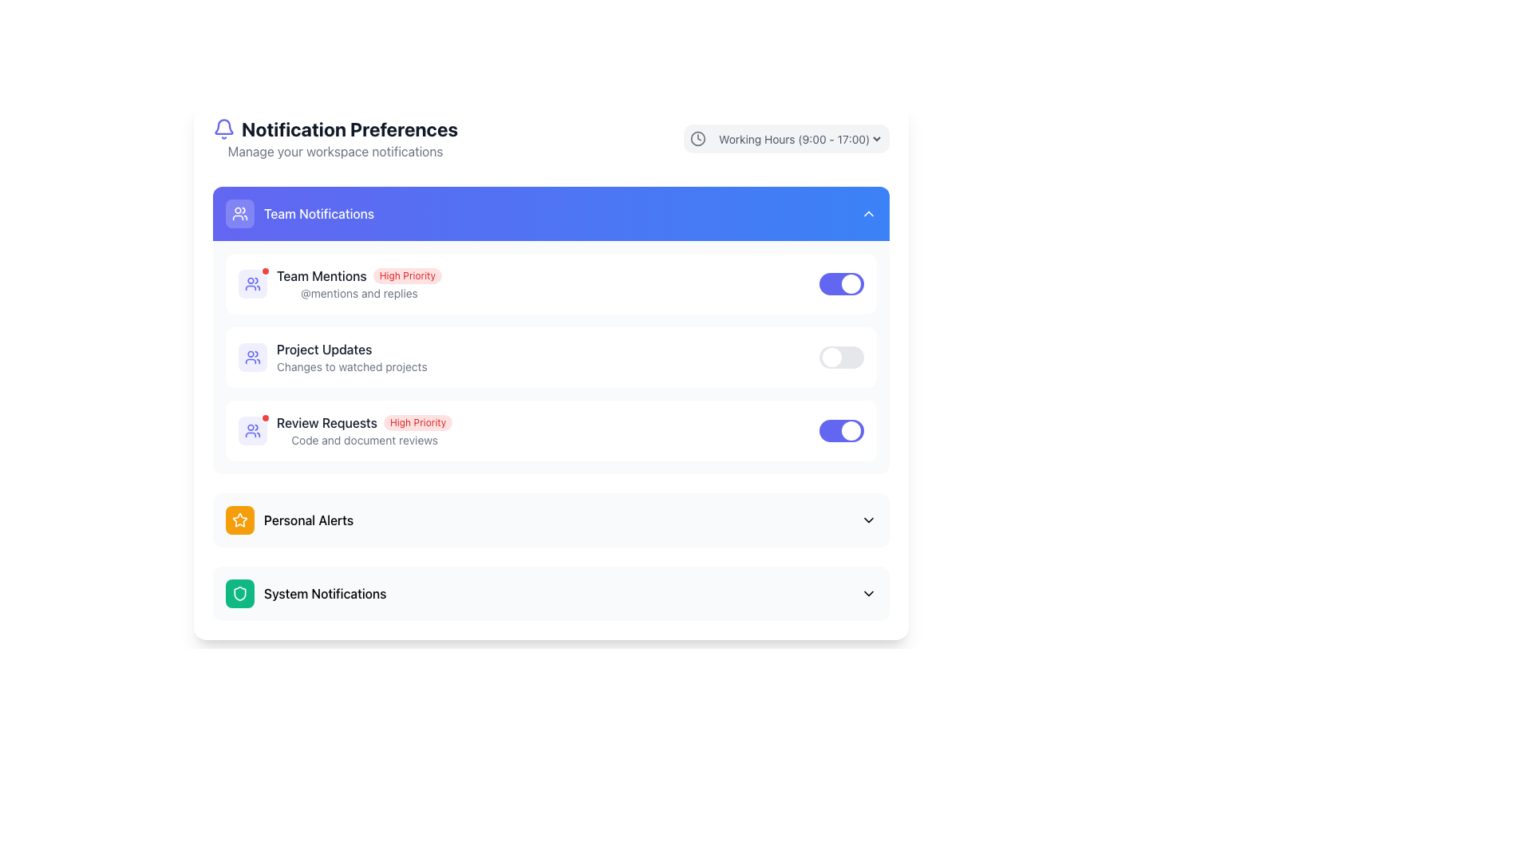  I want to click on the 'Review Requests' notification text element, which is categorized as 'High Priority' and, so click(363, 431).